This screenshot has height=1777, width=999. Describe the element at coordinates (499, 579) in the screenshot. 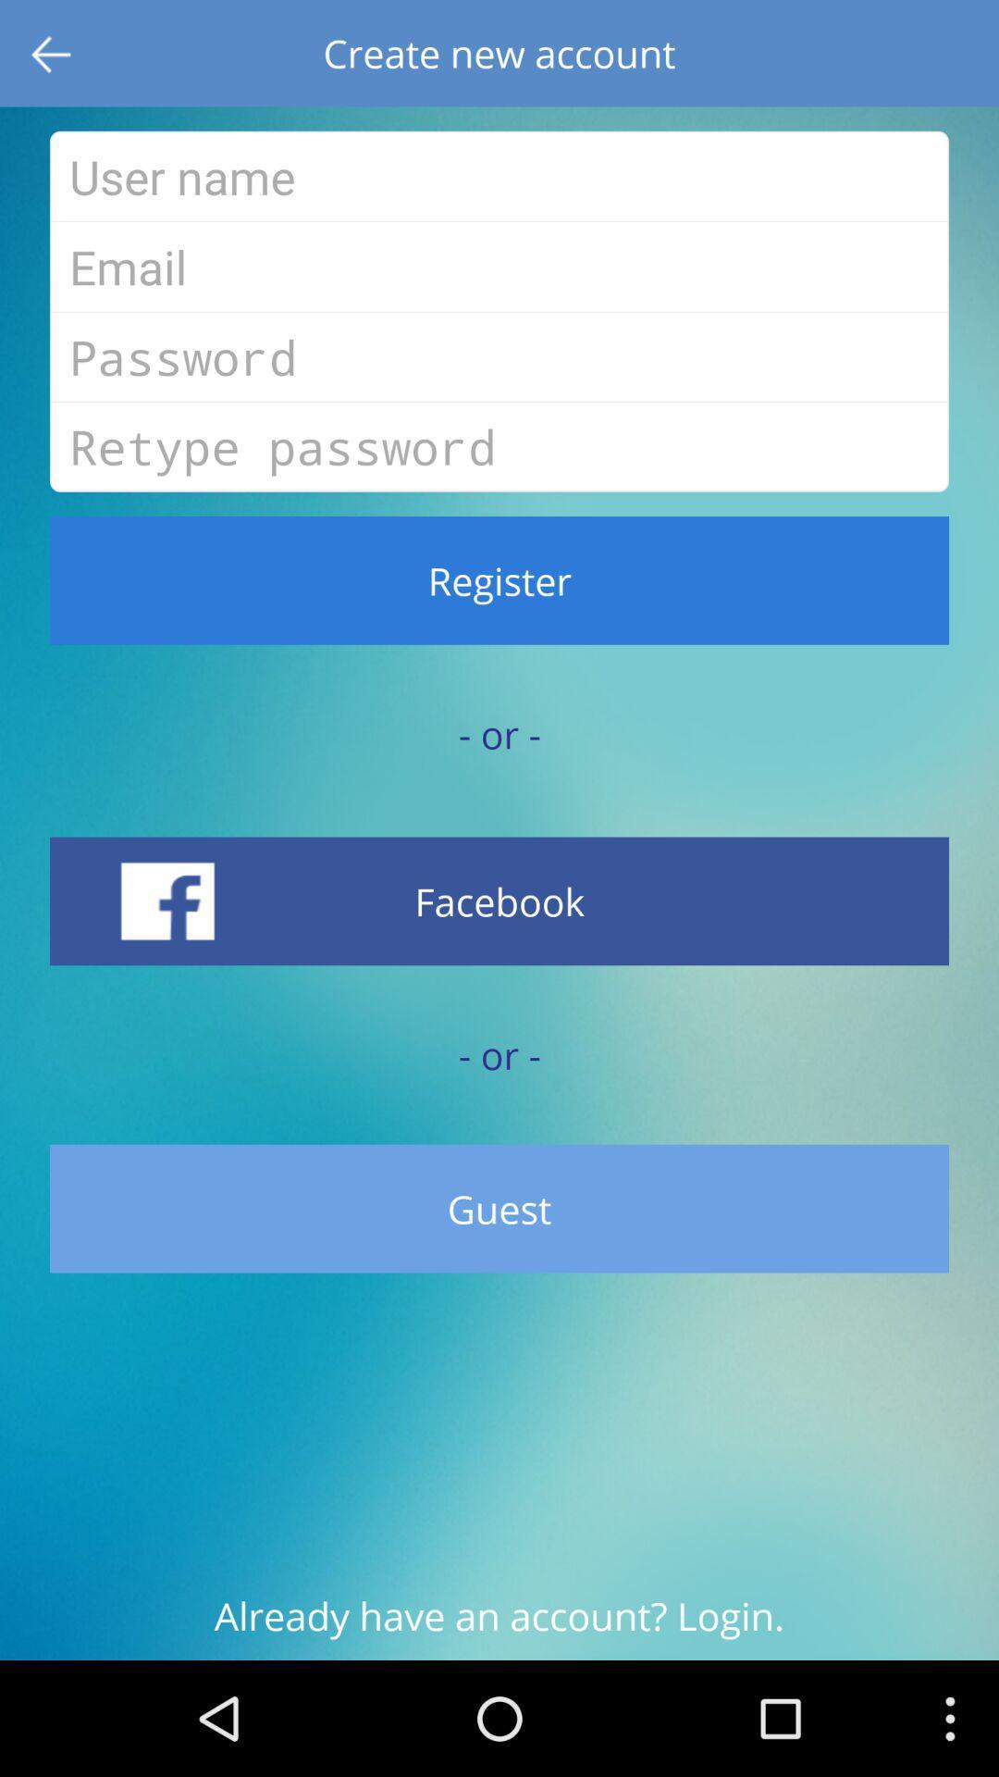

I see `register item` at that location.